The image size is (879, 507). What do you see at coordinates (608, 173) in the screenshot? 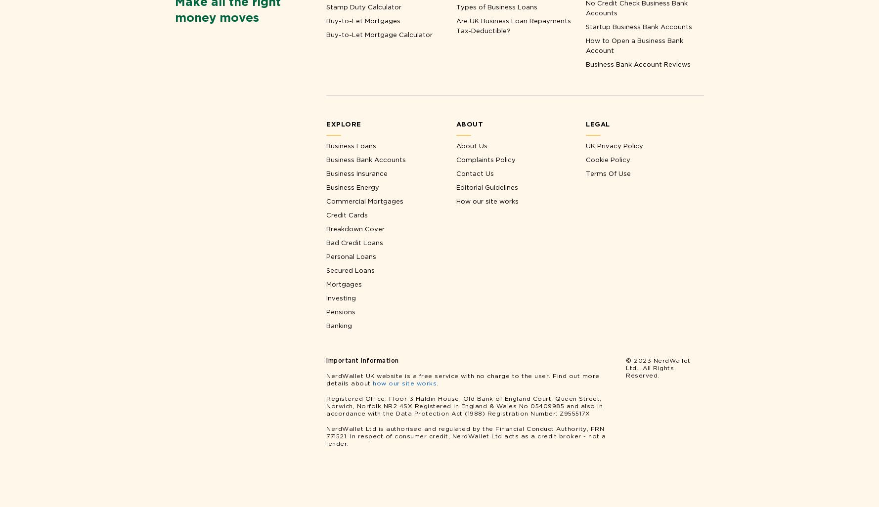
I see `'Terms Of Use'` at bounding box center [608, 173].